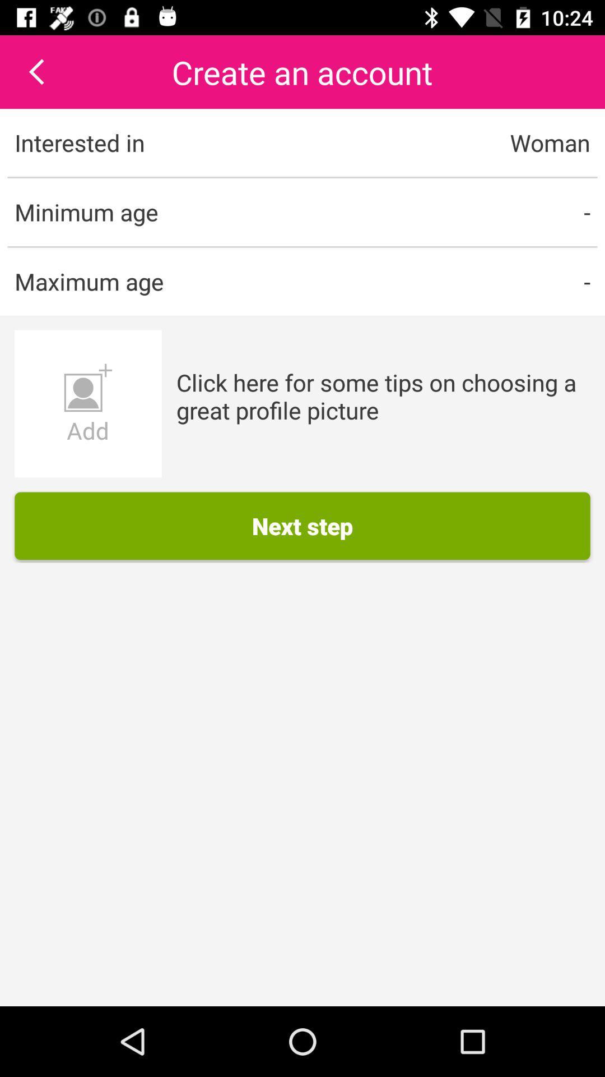  Describe the element at coordinates (383, 396) in the screenshot. I see `item above next step icon` at that location.